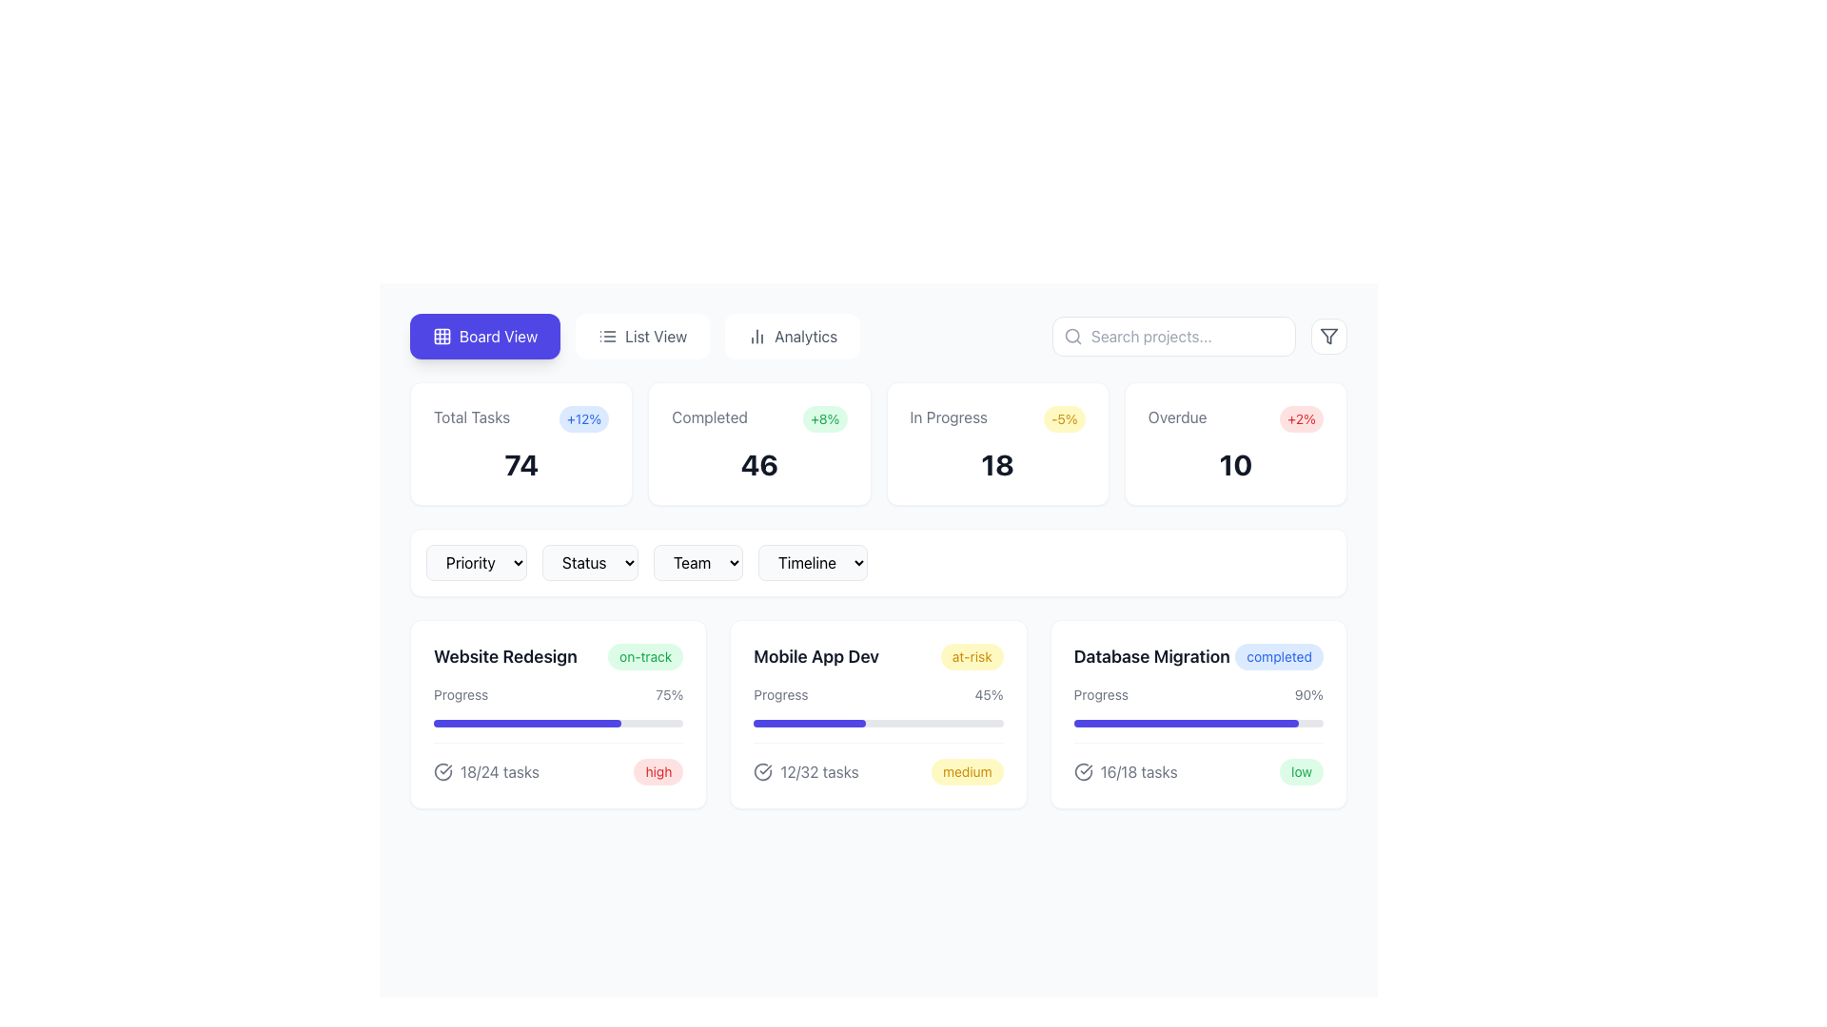 This screenshot has width=1827, height=1027. I want to click on the static text label displaying the current progress percentage for the 'Mobile App Dev' project, located to the right of the 'Progress' text within the project card, so click(989, 695).